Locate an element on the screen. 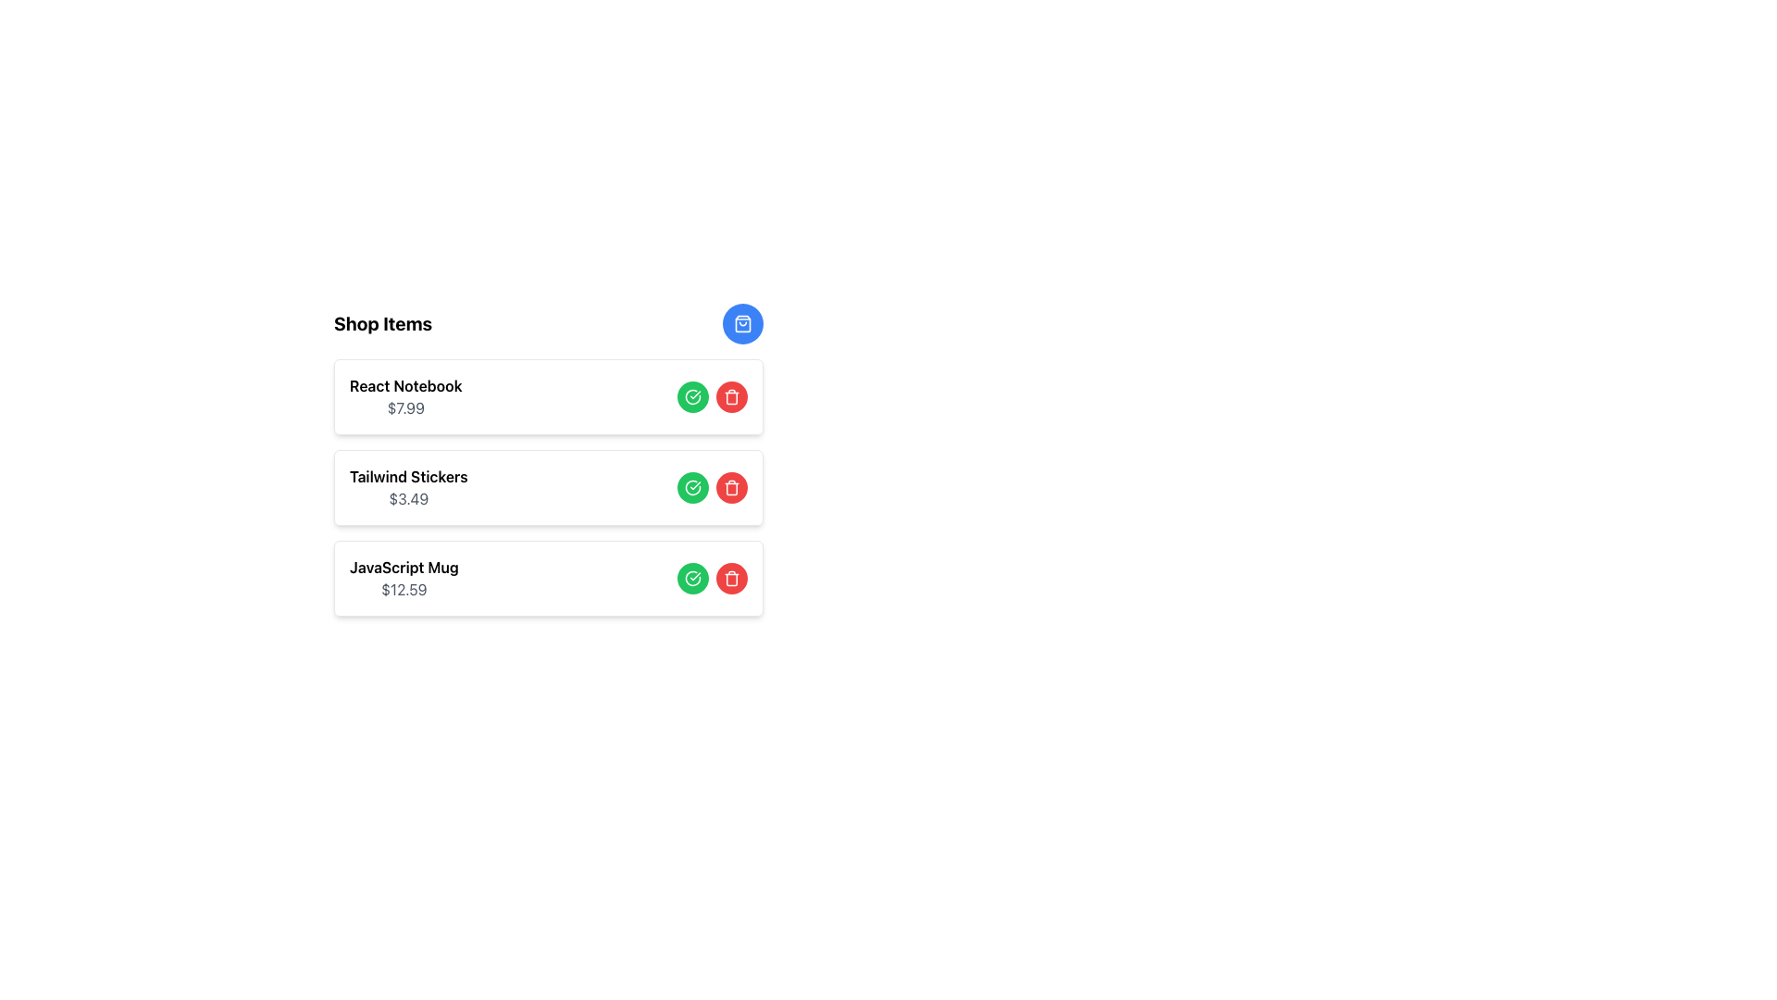 The height and width of the screenshot is (1000, 1777). price text '$7.99' displayed in a small, gray-colored font located directly beneath the label 'React Notebook' in the 'Shop Items' column is located at coordinates (404, 406).